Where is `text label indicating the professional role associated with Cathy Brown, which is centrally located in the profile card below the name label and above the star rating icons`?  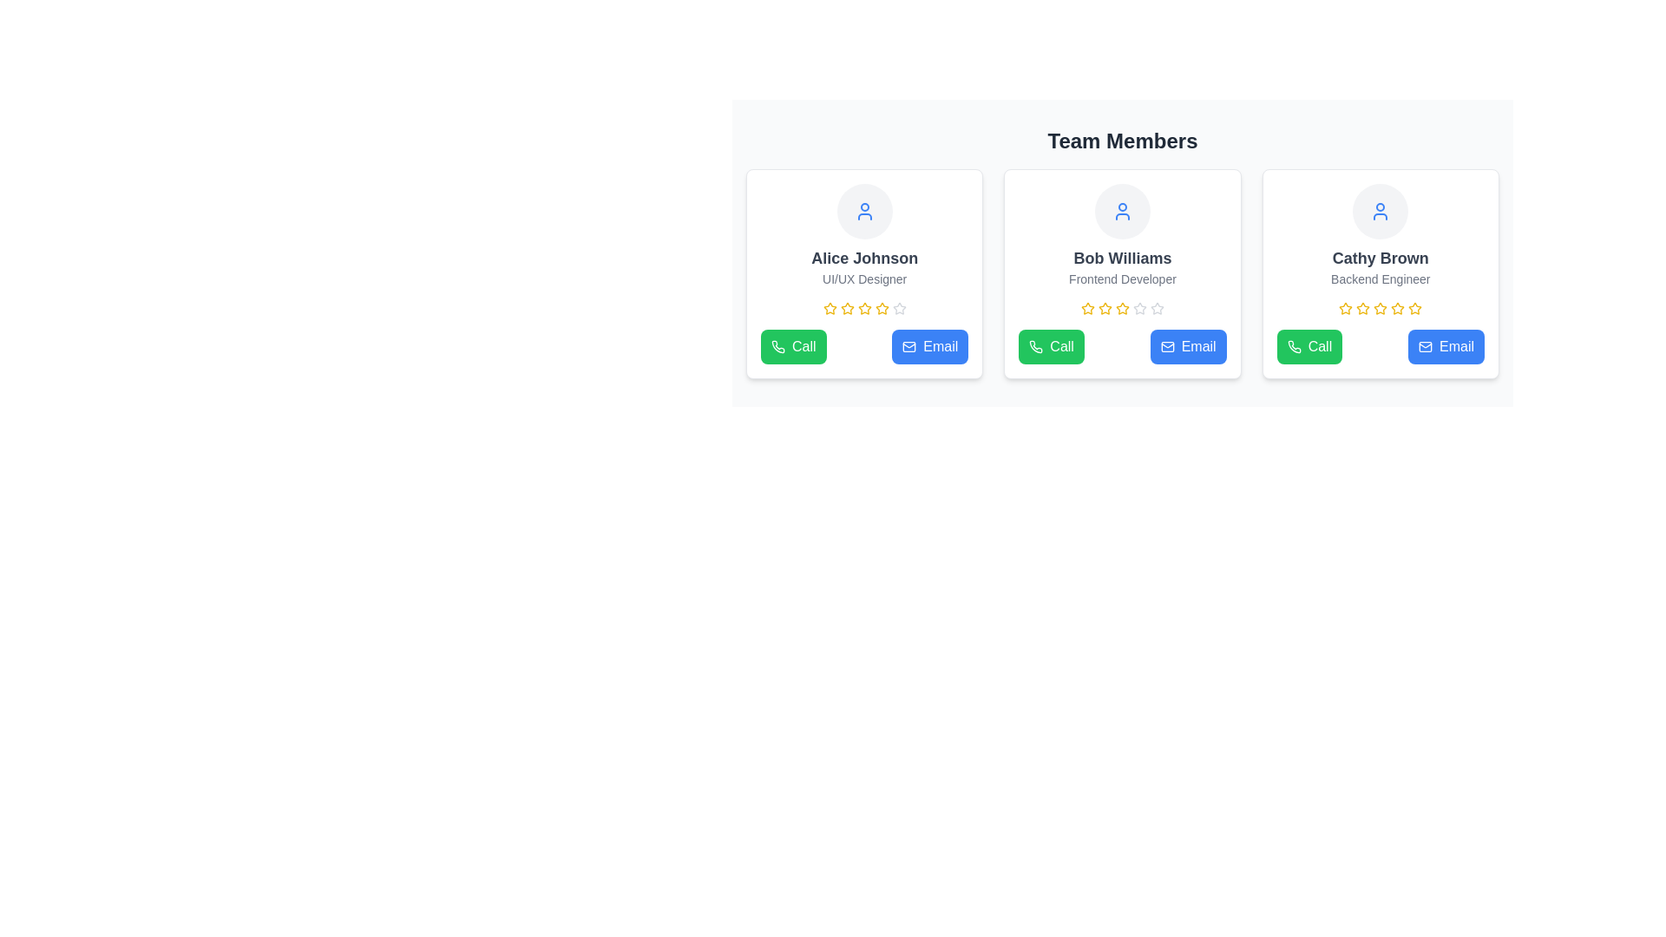
text label indicating the professional role associated with Cathy Brown, which is centrally located in the profile card below the name label and above the star rating icons is located at coordinates (1380, 278).